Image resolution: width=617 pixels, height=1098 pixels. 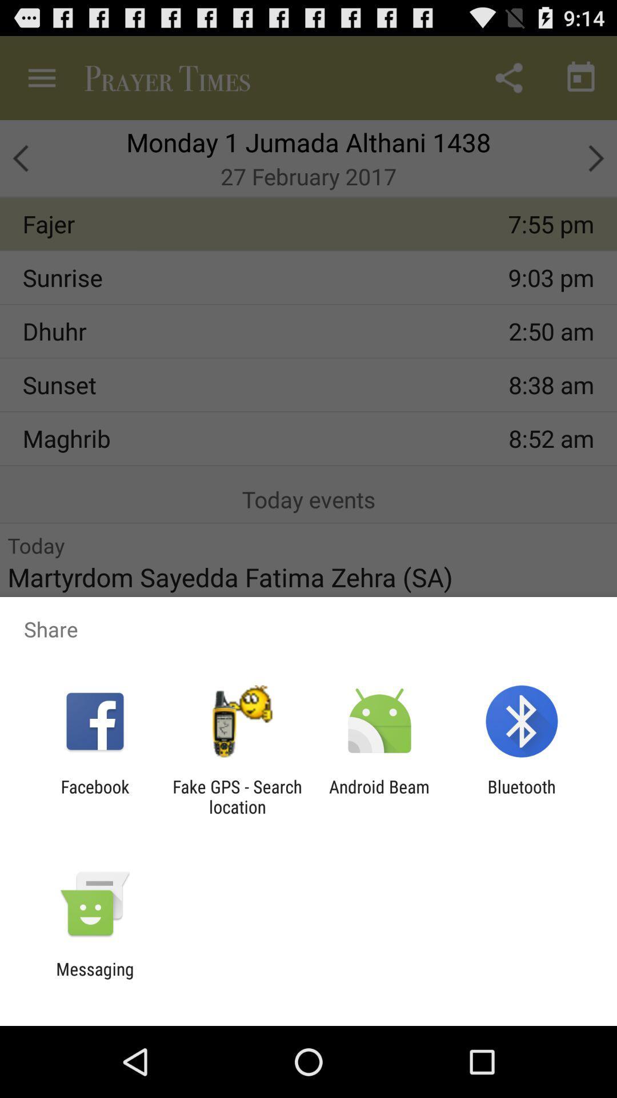 I want to click on android beam icon, so click(x=379, y=796).